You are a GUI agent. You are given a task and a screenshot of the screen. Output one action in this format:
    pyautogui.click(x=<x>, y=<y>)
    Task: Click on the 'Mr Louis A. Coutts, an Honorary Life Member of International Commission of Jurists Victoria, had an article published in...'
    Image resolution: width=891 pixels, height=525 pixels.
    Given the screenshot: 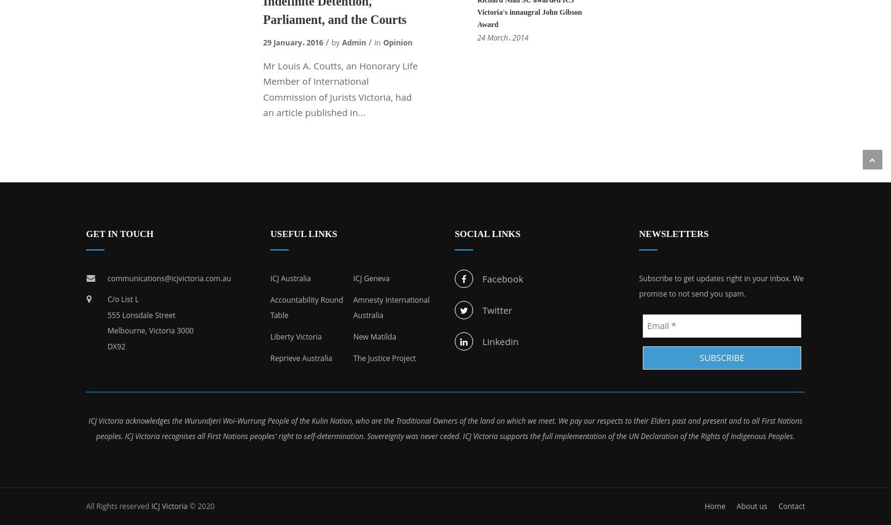 What is the action you would take?
    pyautogui.click(x=340, y=88)
    